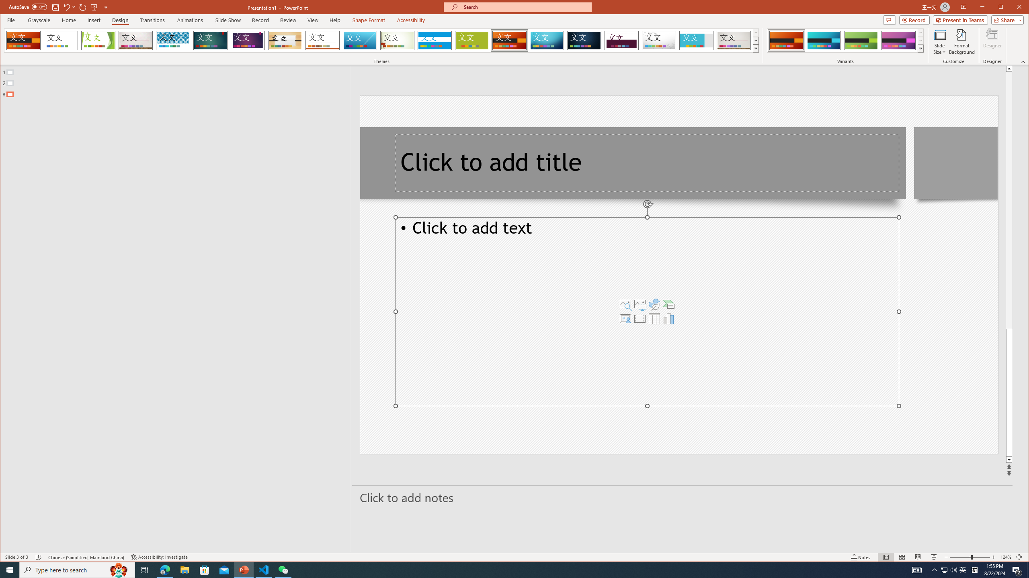  What do you see at coordinates (654, 318) in the screenshot?
I see `'Insert Table'` at bounding box center [654, 318].